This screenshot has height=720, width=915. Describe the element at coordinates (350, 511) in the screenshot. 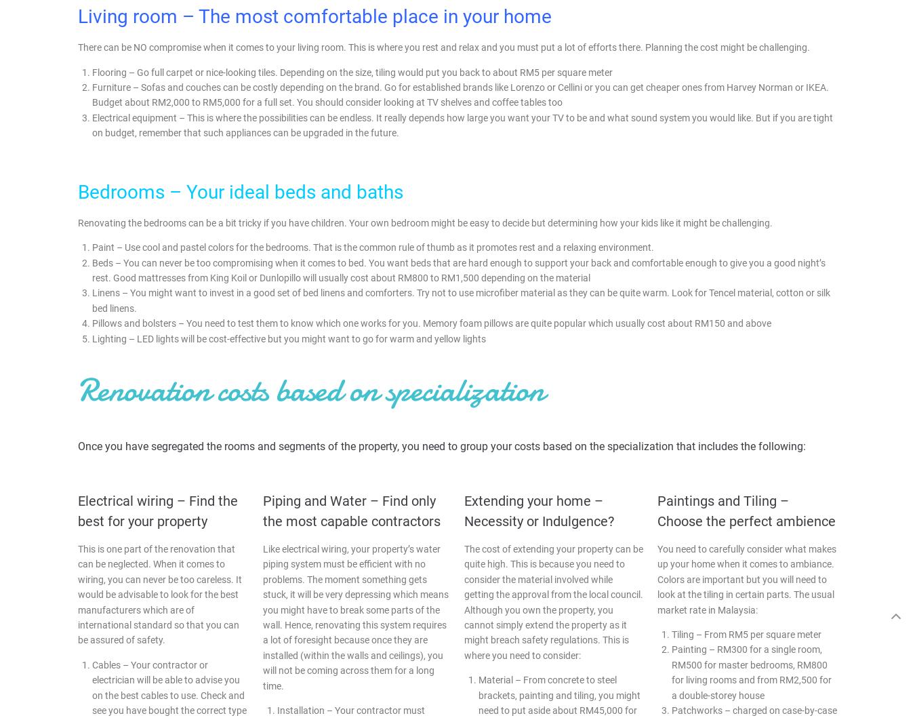

I see `'Piping and Water – Find only the most capable contractors'` at that location.